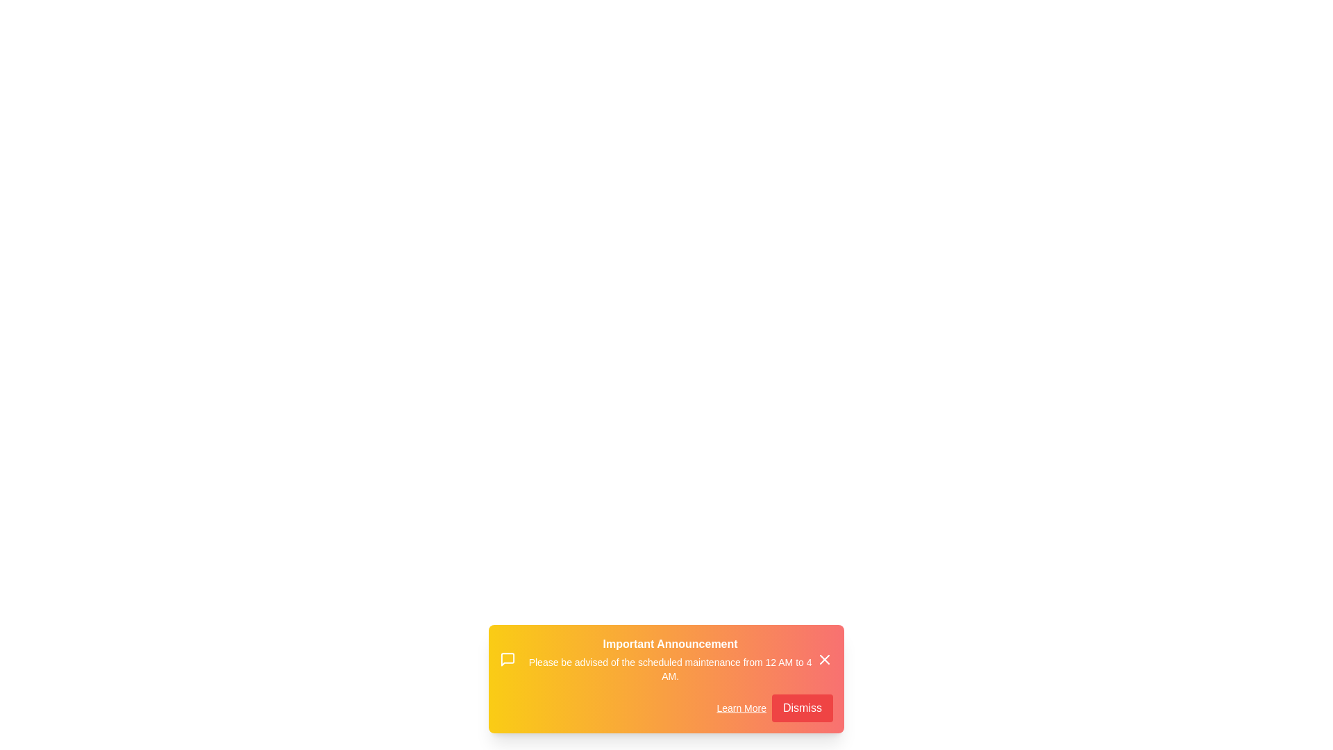 The width and height of the screenshot is (1333, 750). Describe the element at coordinates (803, 708) in the screenshot. I see `the red rounded button labeled 'Dismiss' located at the bottom-right corner of the notification card to observe any hover effects` at that location.